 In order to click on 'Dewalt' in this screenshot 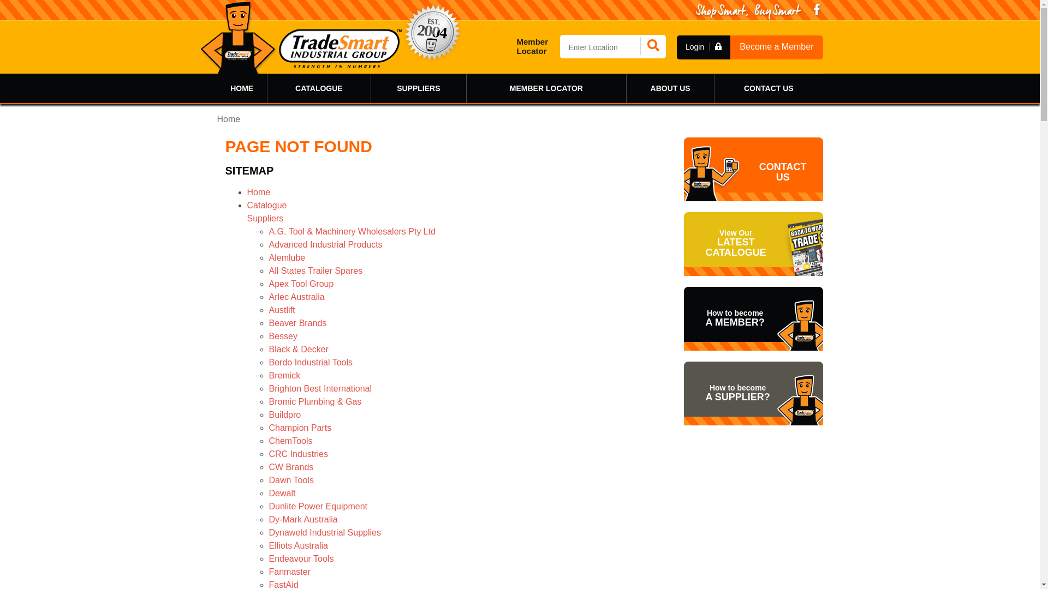, I will do `click(282, 493)`.